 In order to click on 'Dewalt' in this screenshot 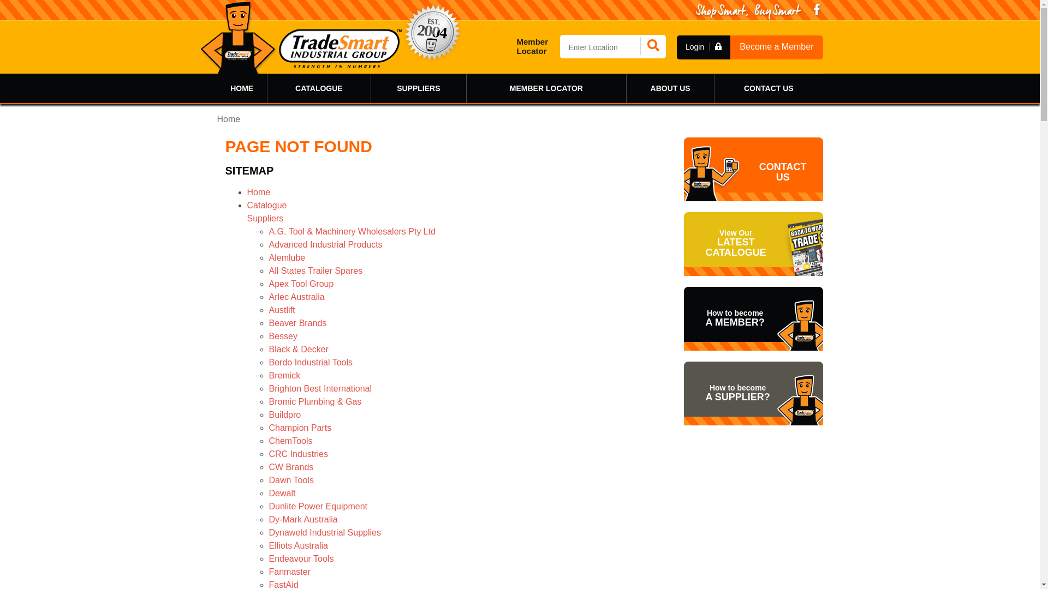, I will do `click(282, 493)`.